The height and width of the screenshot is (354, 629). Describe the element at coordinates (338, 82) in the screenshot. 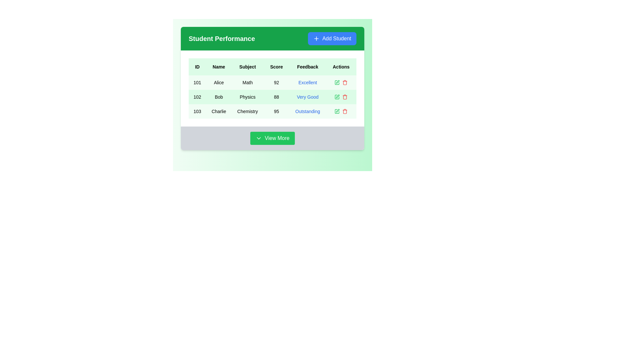

I see `the edit icon button in the 'Actions' column of the last row associated with the 'Charlie' entry` at that location.